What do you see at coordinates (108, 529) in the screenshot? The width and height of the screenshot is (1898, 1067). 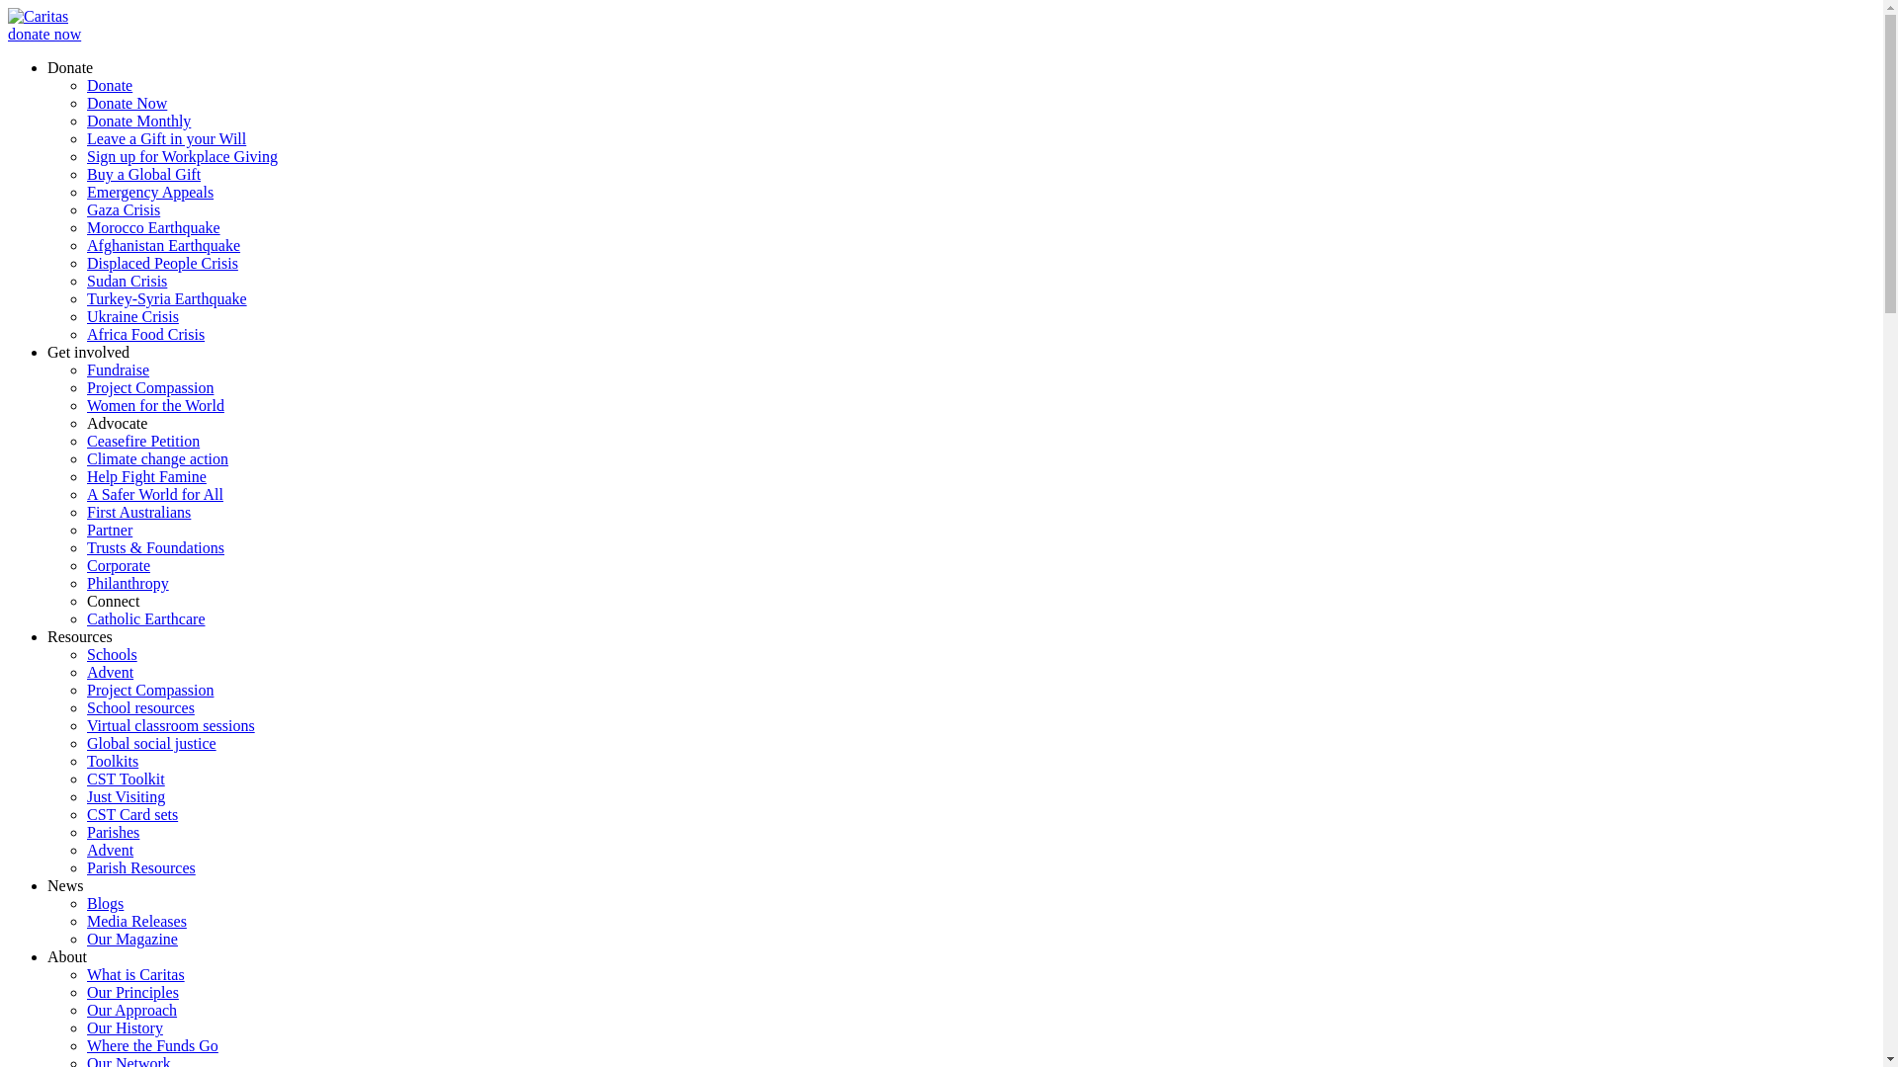 I see `'Partner'` at bounding box center [108, 529].